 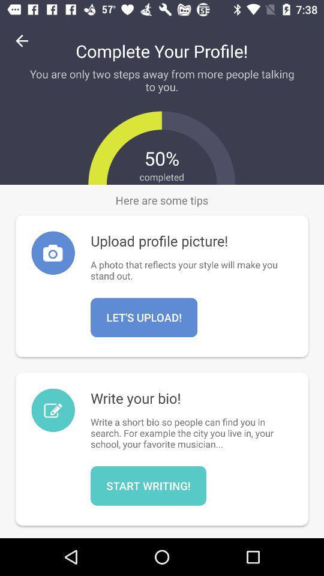 What do you see at coordinates (22, 41) in the screenshot?
I see `the item above you are only` at bounding box center [22, 41].